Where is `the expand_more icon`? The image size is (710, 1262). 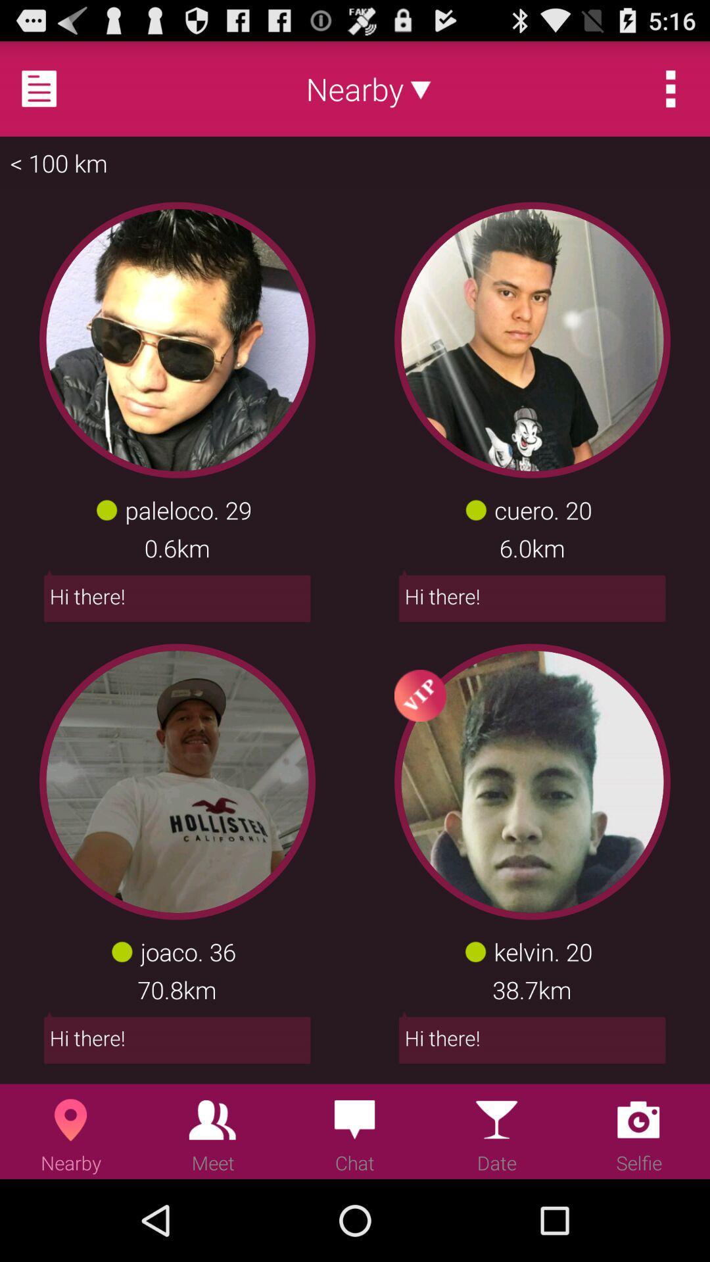 the expand_more icon is located at coordinates (421, 94).